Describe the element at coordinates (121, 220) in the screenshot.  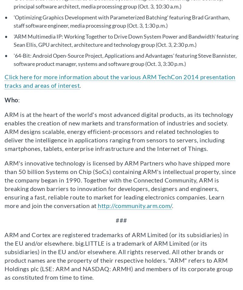
I see `'###'` at that location.